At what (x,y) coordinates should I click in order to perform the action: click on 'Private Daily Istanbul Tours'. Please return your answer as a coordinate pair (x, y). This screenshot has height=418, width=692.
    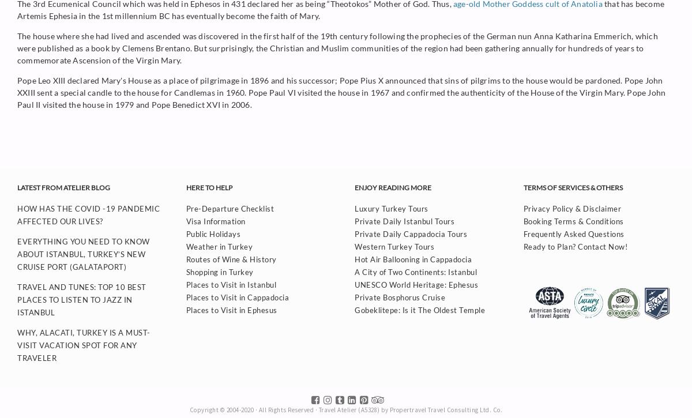
    Looking at the image, I should click on (404, 220).